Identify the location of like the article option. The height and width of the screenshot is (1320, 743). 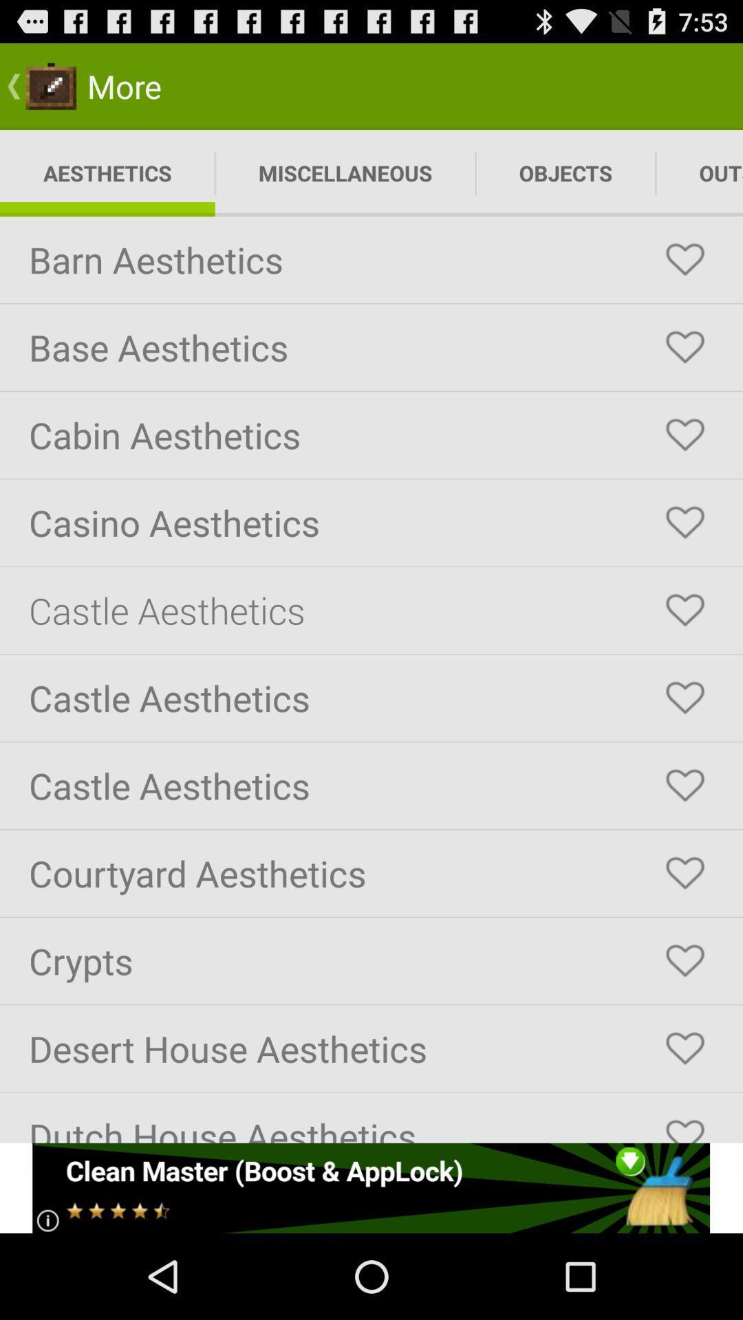
(685, 347).